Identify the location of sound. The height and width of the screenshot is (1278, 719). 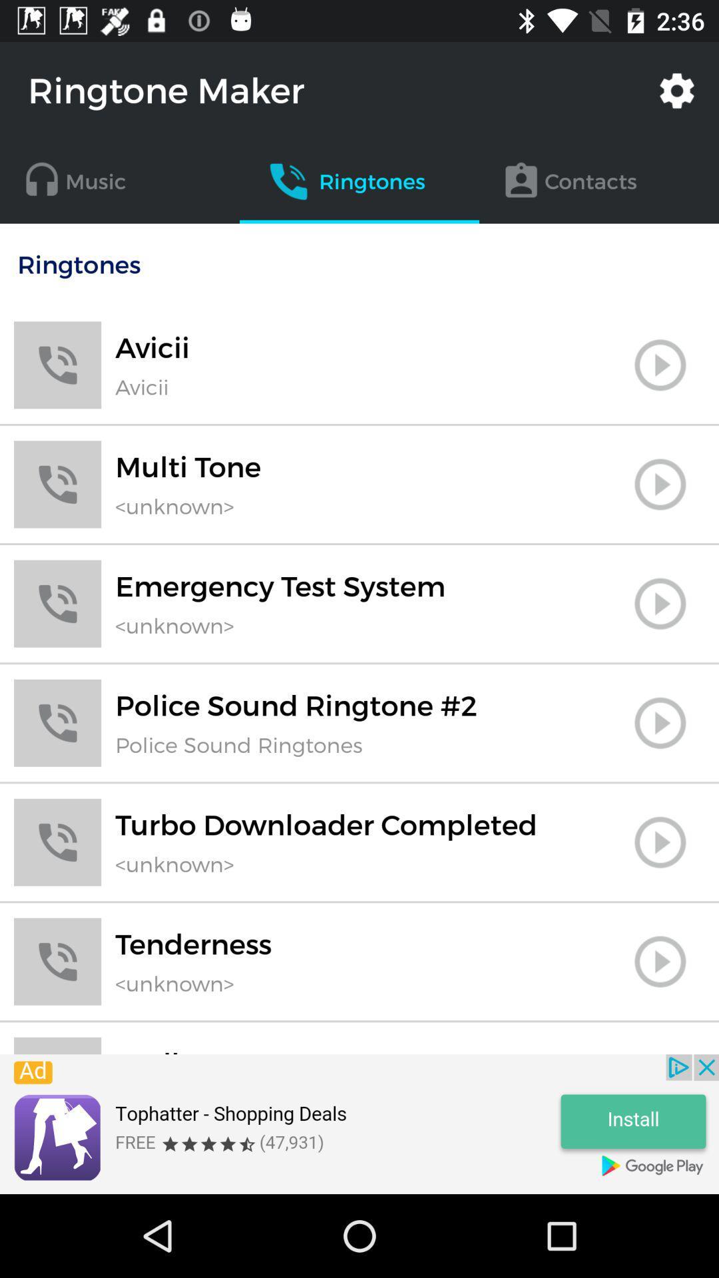
(660, 1051).